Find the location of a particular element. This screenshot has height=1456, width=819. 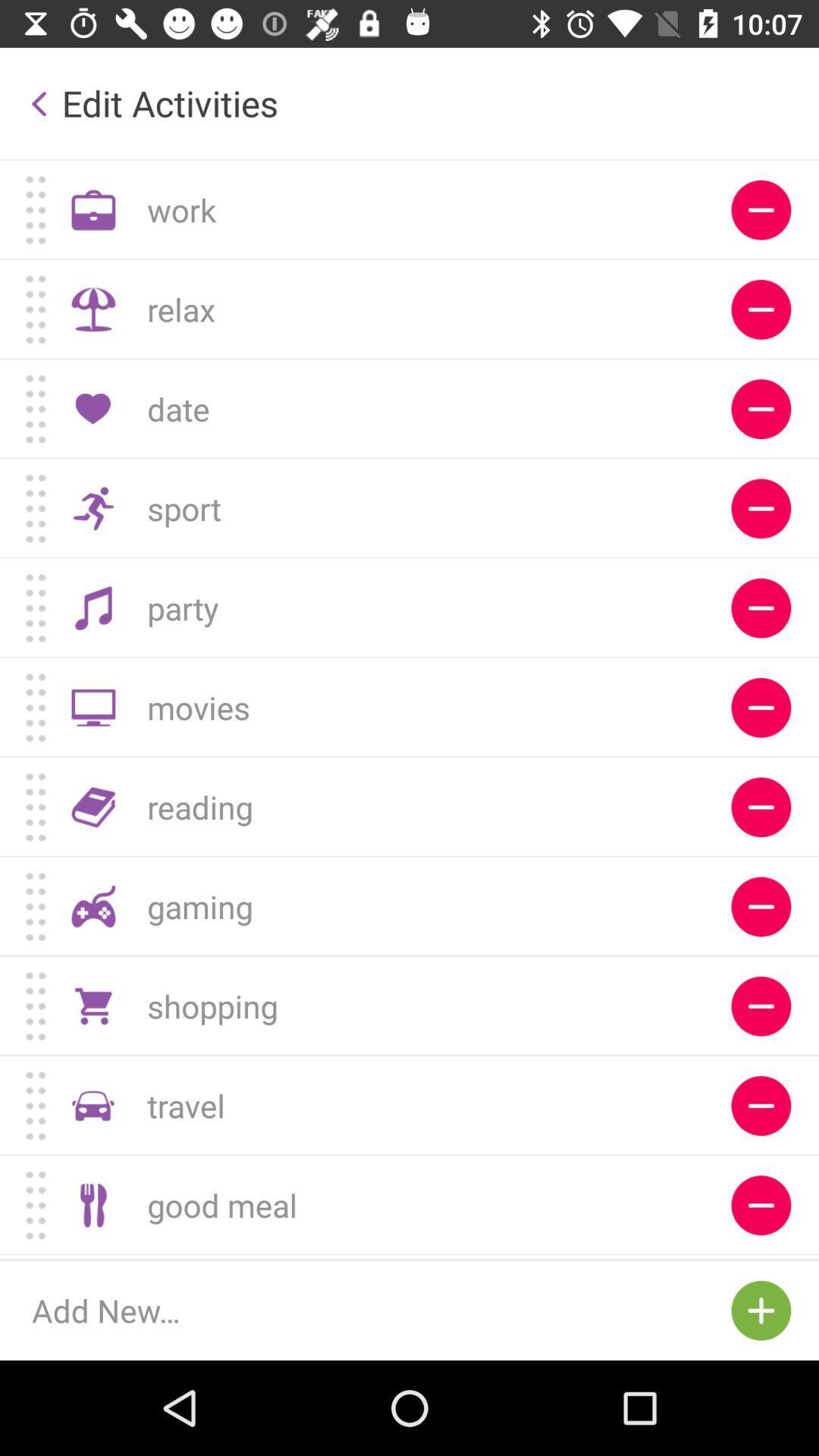

remove activity is located at coordinates (761, 707).